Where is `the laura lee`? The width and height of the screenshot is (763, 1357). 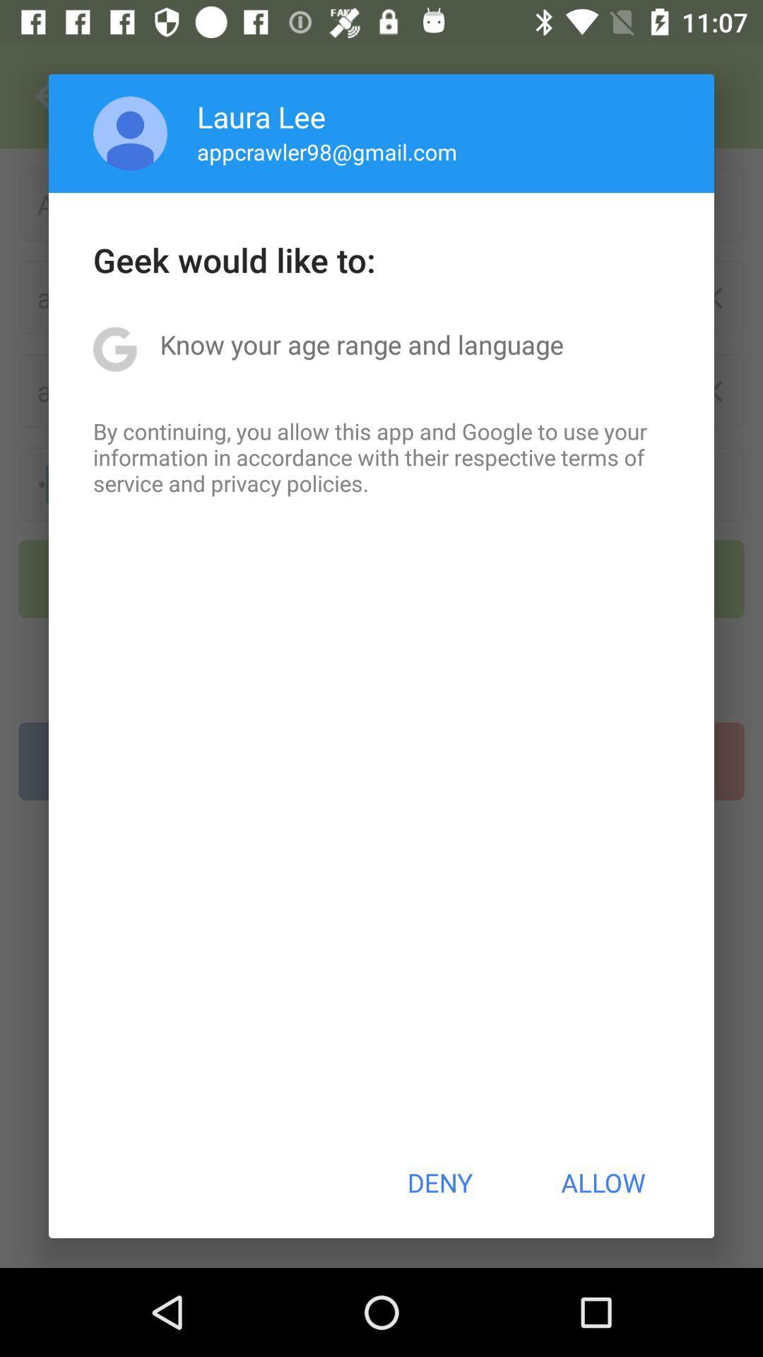 the laura lee is located at coordinates (261, 116).